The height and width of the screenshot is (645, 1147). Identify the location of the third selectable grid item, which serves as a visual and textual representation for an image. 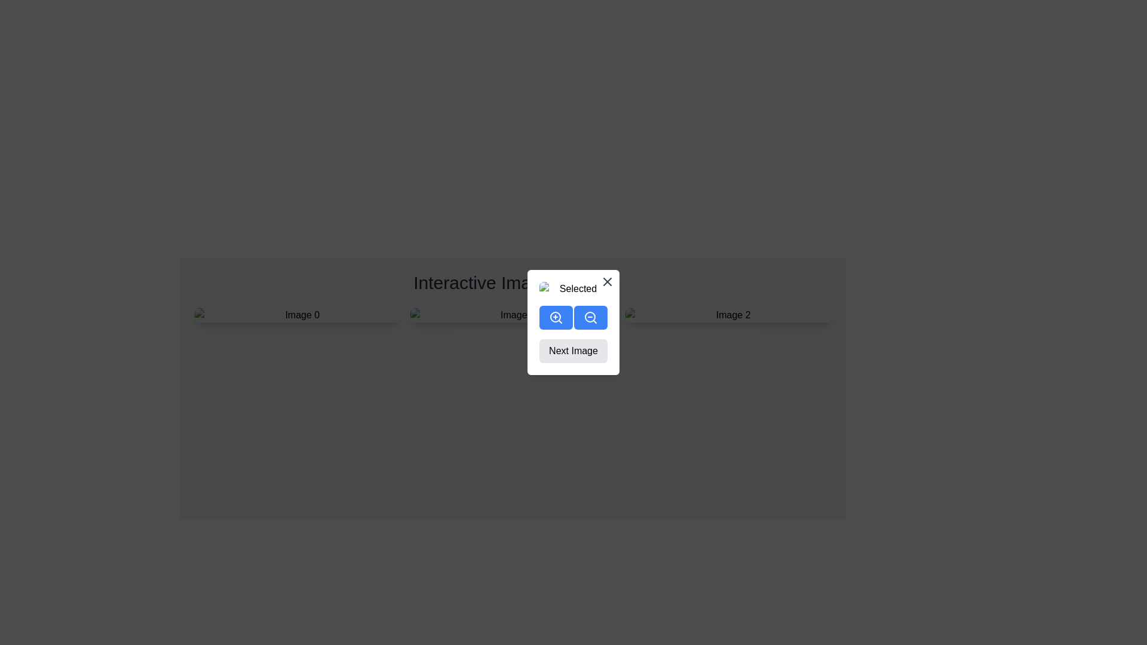
(728, 315).